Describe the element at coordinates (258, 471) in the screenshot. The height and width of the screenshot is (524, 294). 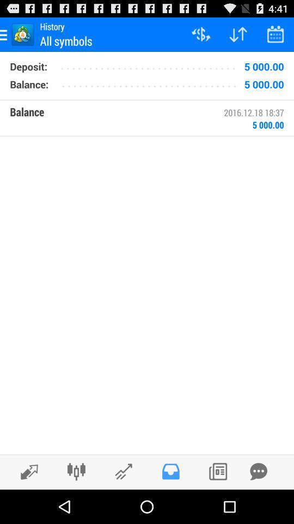
I see `backup data` at that location.